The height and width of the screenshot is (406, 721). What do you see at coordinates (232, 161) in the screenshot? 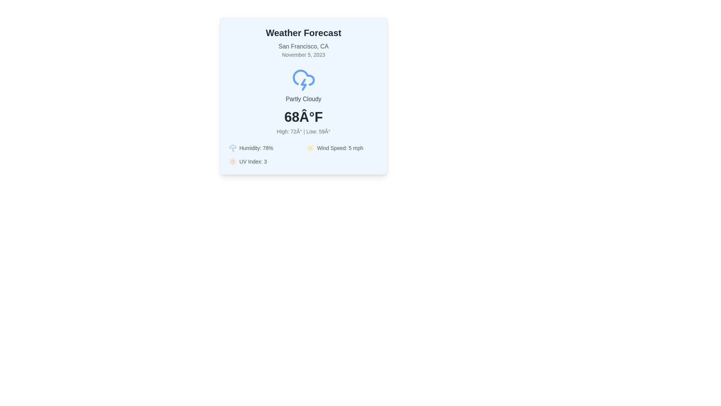
I see `the sun icon representing the UV index information, located in the bottom-left portion of the weather forecast card` at bounding box center [232, 161].